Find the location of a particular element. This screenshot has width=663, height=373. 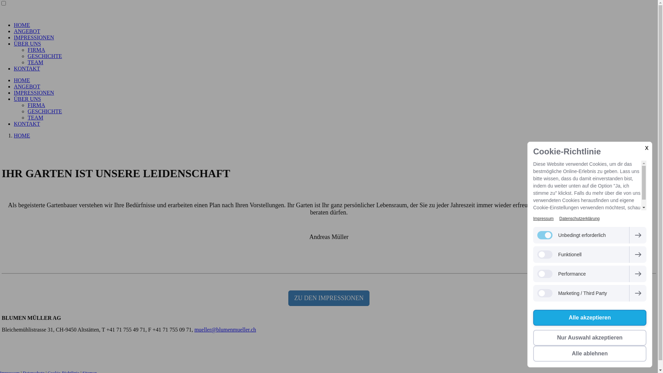

'IMPRESSIONEN' is located at coordinates (13, 92).